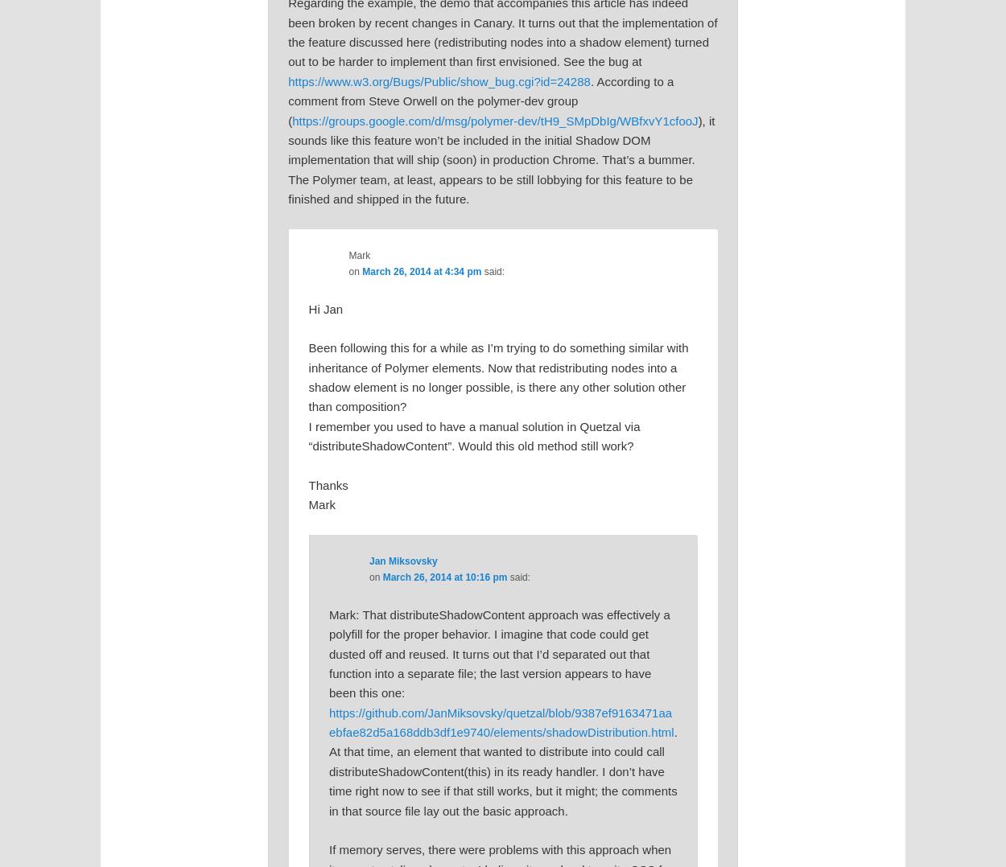 The image size is (1006, 867). Describe the element at coordinates (422, 269) in the screenshot. I see `'March 26, 2014 at 4:34 pm'` at that location.